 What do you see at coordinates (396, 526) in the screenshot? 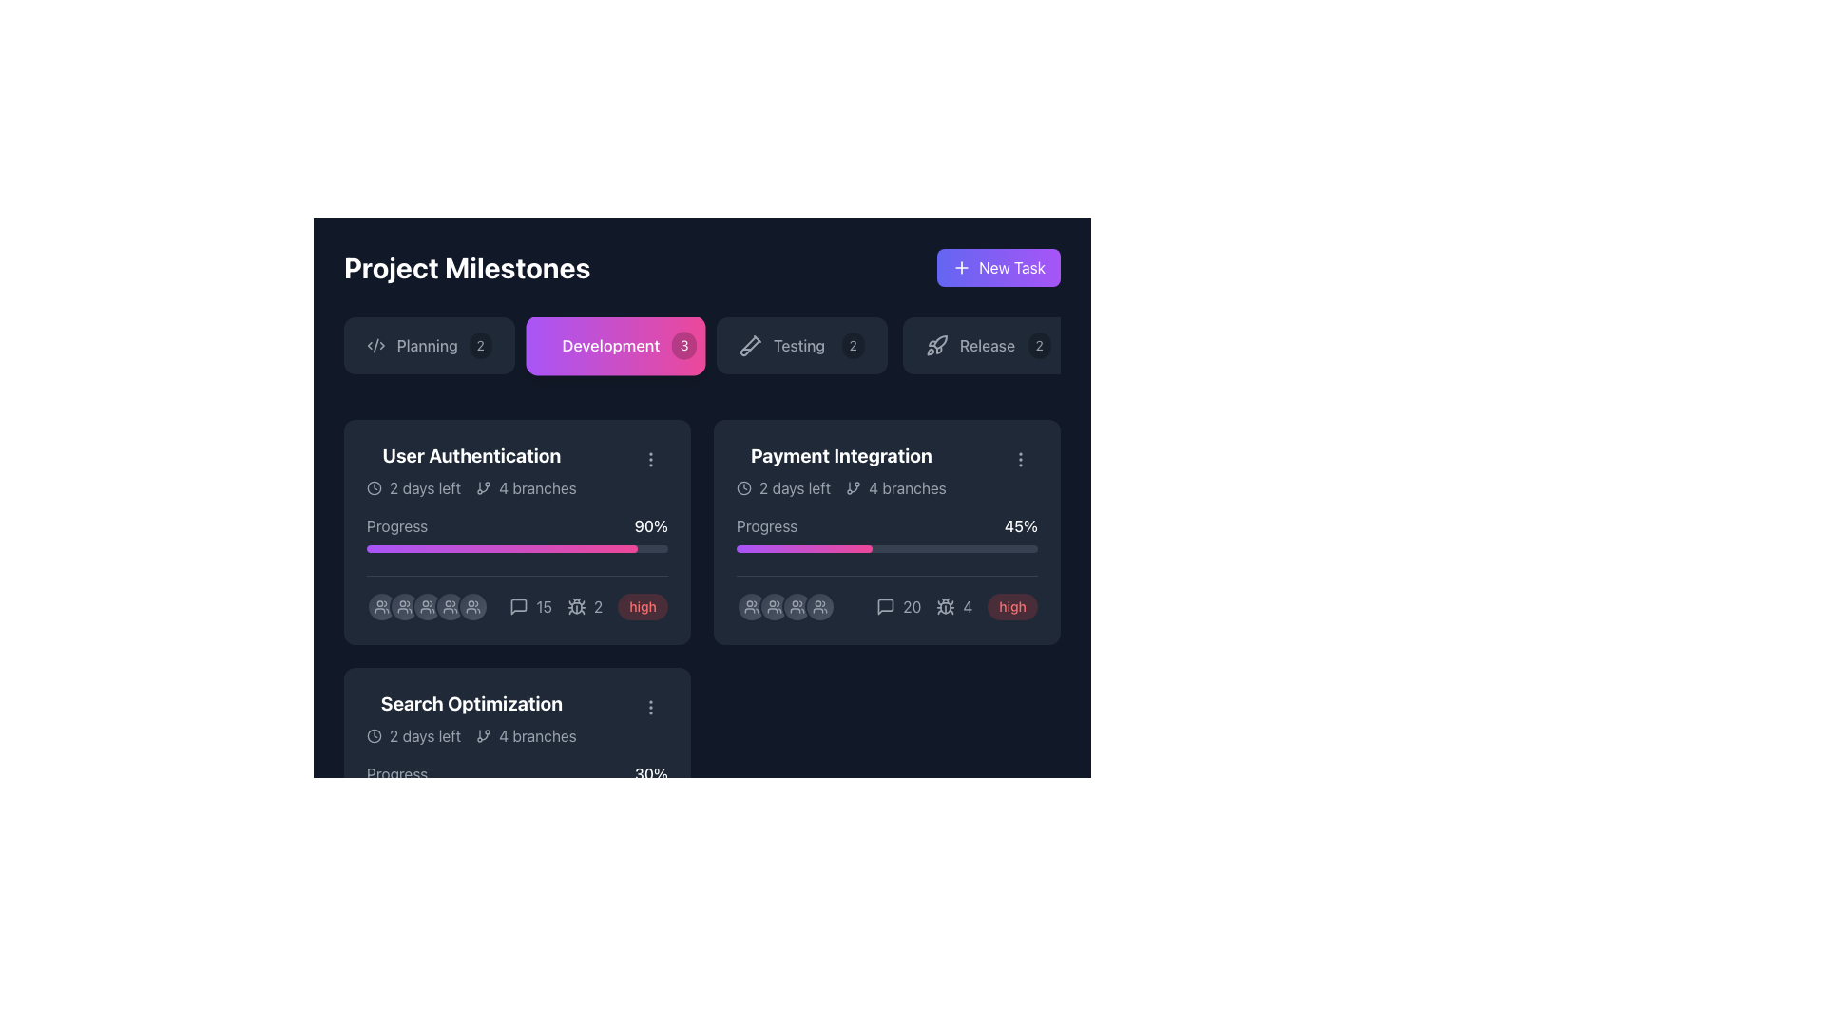
I see `the text label that describes the progress bar in the 'User Authentication' section card, located to the left of the '90%' text element` at bounding box center [396, 526].